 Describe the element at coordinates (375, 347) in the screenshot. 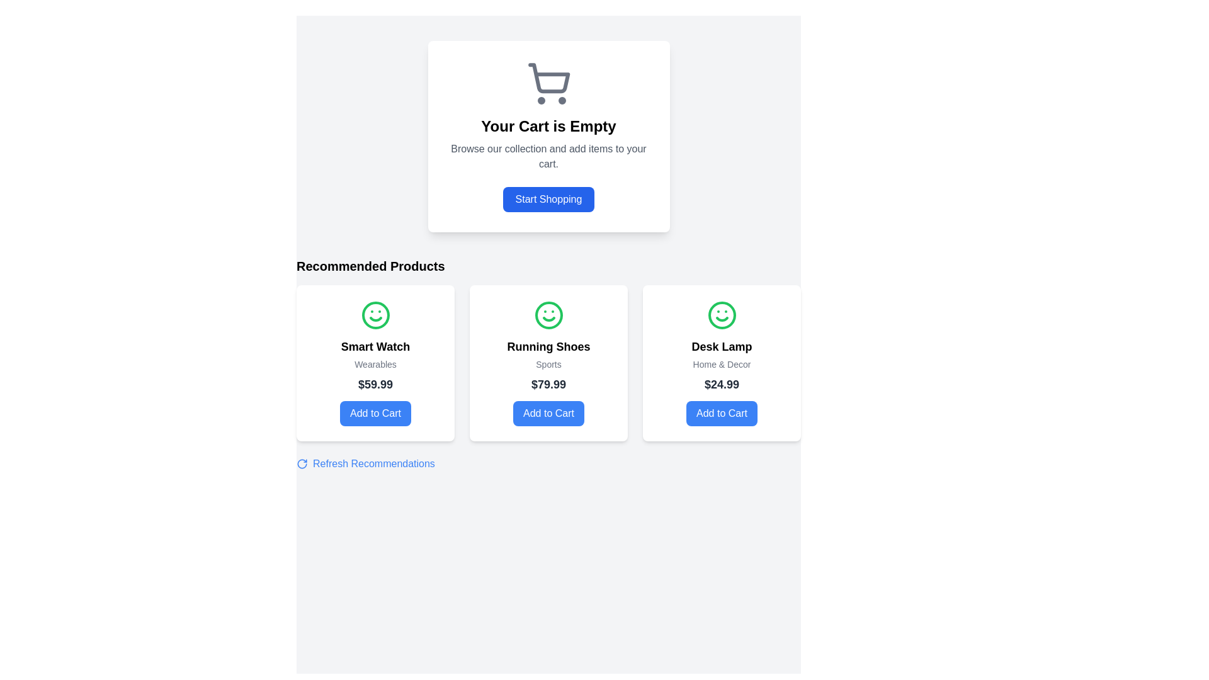

I see `text label that serves as the title of the product, displaying 'Smart Watch', located in the upper section of the first product card in the 'Recommended Products' section, positioned below a smiling face icon and above the text 'Wearables'` at that location.